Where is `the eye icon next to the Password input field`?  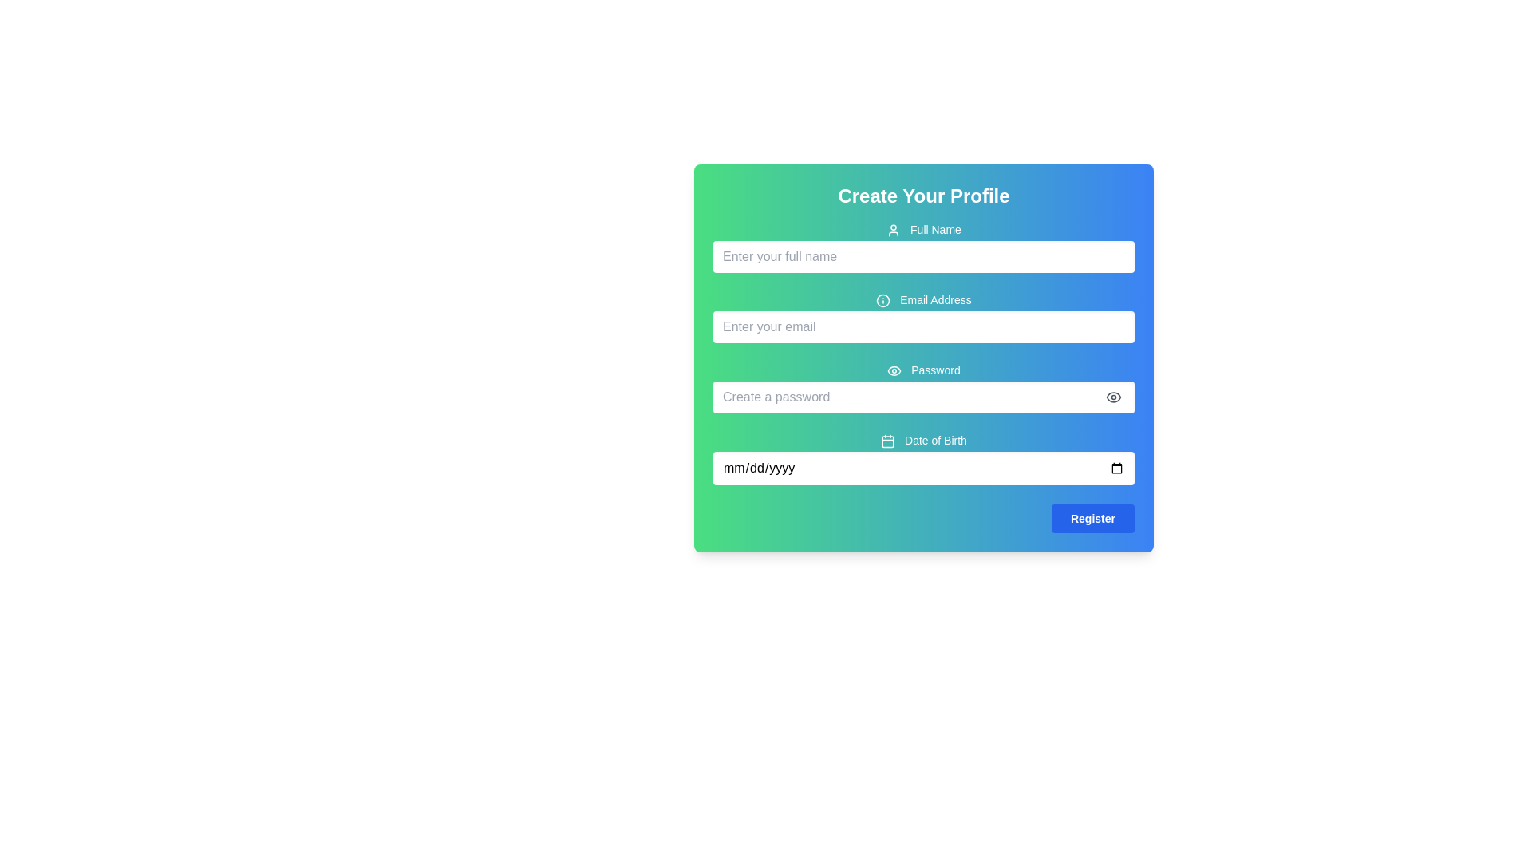 the eye icon next to the Password input field is located at coordinates (923, 388).